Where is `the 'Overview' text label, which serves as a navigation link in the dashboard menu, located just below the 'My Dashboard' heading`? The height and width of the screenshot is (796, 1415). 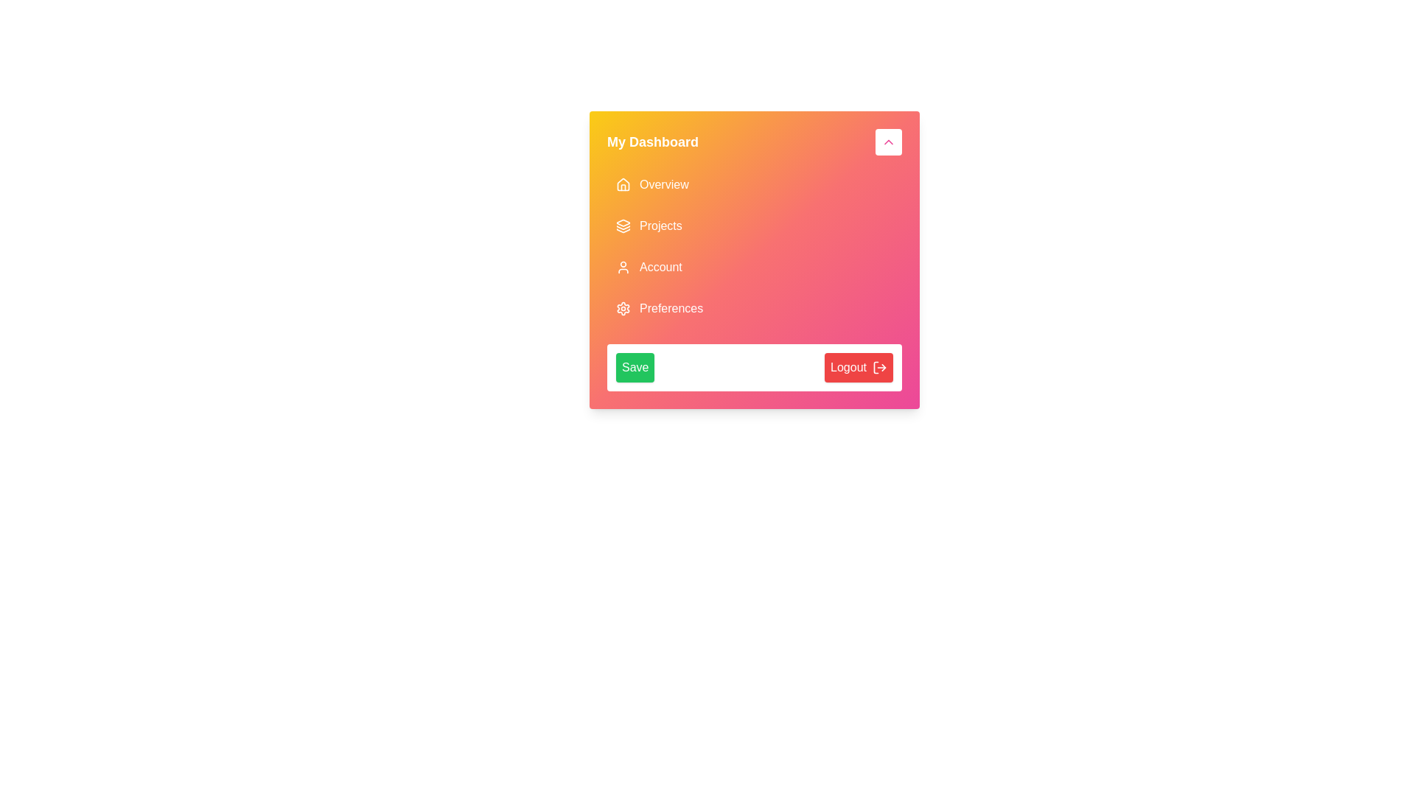 the 'Overview' text label, which serves as a navigation link in the dashboard menu, located just below the 'My Dashboard' heading is located at coordinates (663, 184).